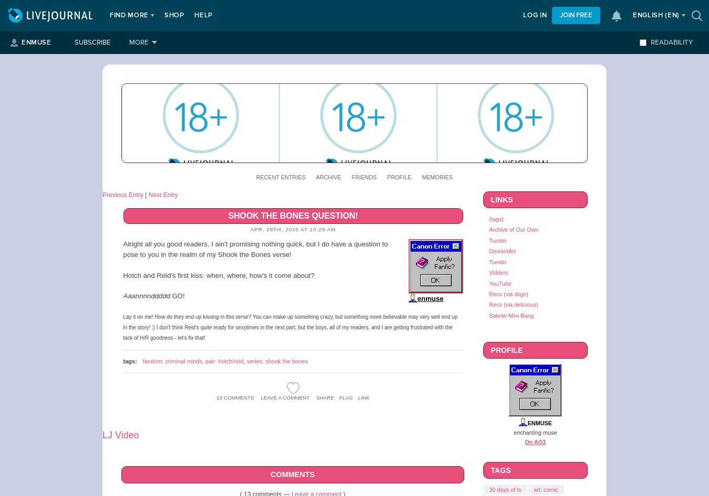 This screenshot has height=496, width=709. I want to click on 'Subscribe', so click(91, 42).